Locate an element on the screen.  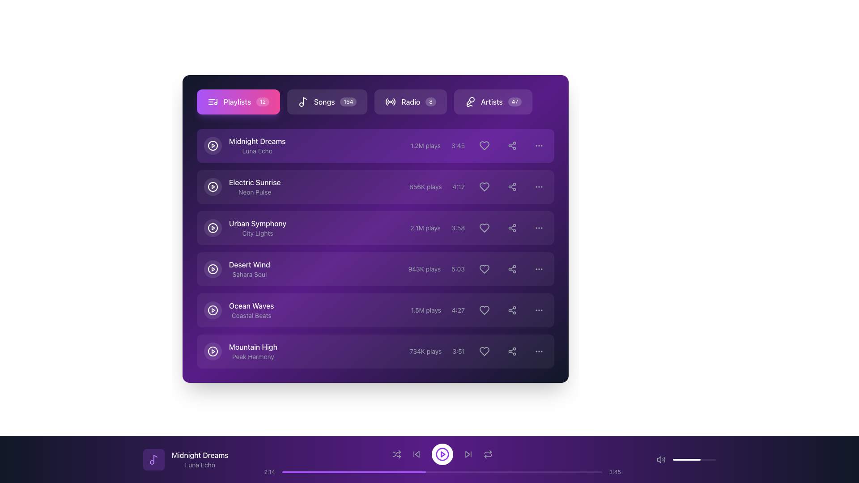
the list item titled 'Desert Wind' which is the fourth item is located at coordinates (375, 268).